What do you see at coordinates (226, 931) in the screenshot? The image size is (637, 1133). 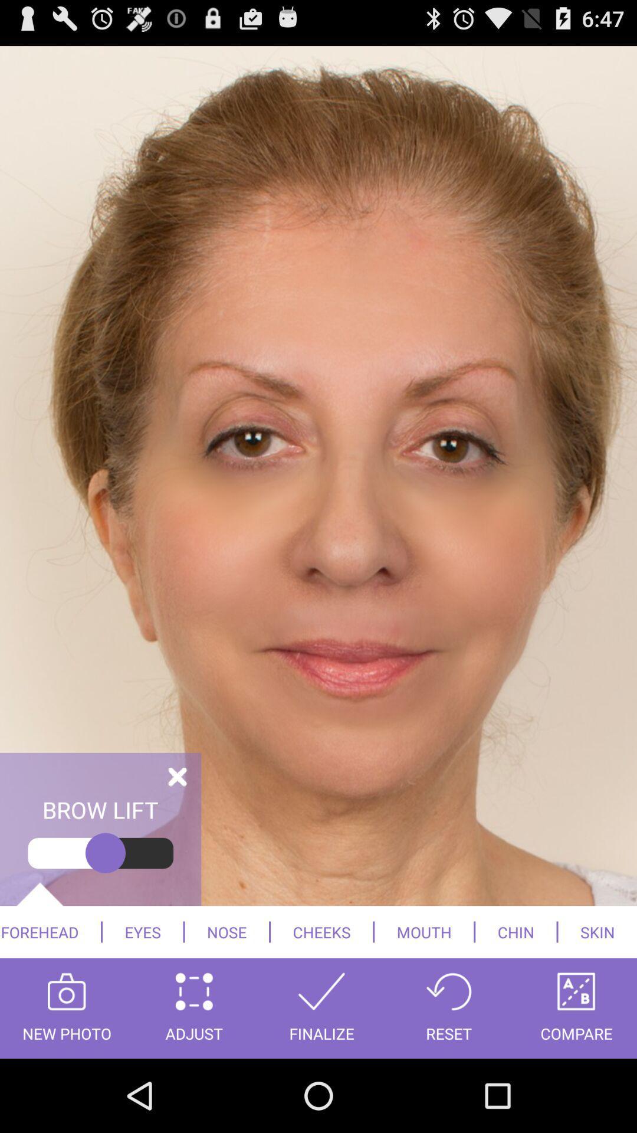 I see `the nose icon` at bounding box center [226, 931].